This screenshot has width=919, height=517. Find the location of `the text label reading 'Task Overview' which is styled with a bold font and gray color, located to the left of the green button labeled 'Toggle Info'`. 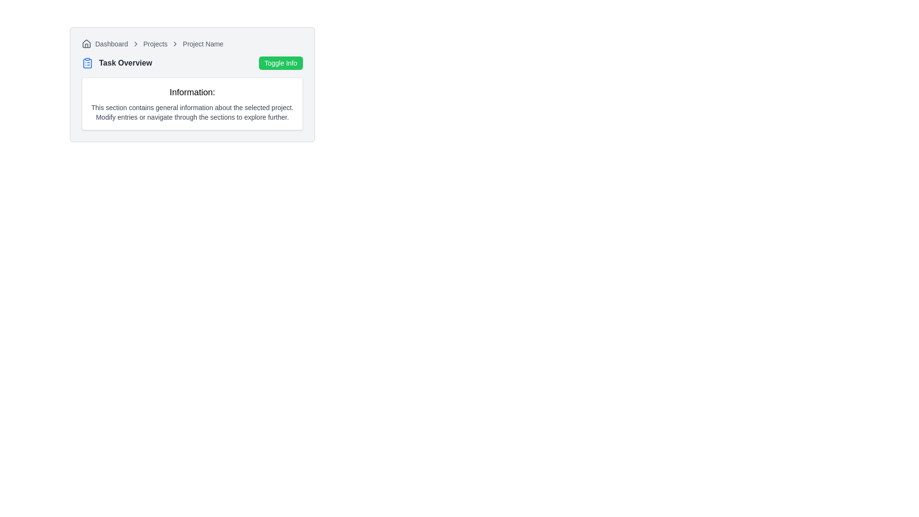

the text label reading 'Task Overview' which is styled with a bold font and gray color, located to the left of the green button labeled 'Toggle Info' is located at coordinates (116, 63).